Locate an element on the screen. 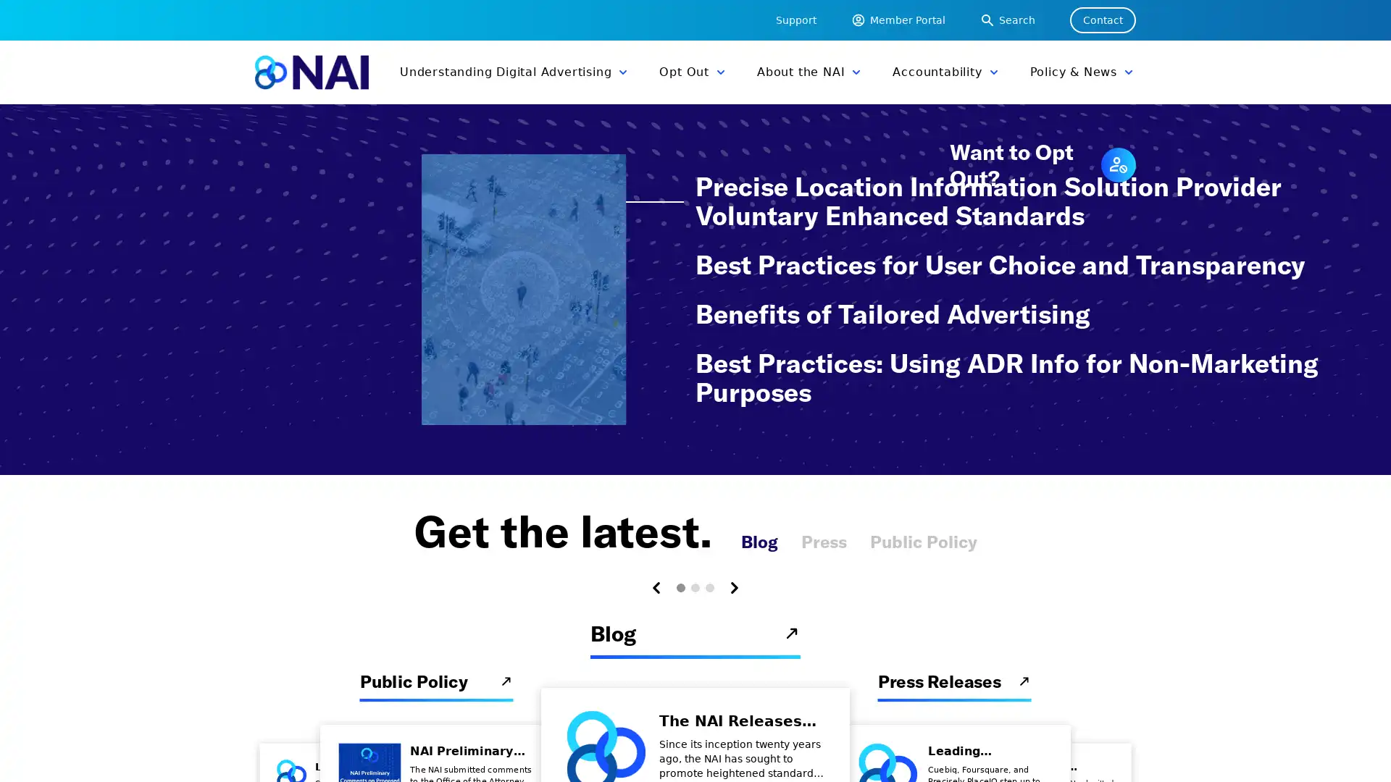 This screenshot has width=1391, height=782. Carousel Page 2 is located at coordinates (695, 588).